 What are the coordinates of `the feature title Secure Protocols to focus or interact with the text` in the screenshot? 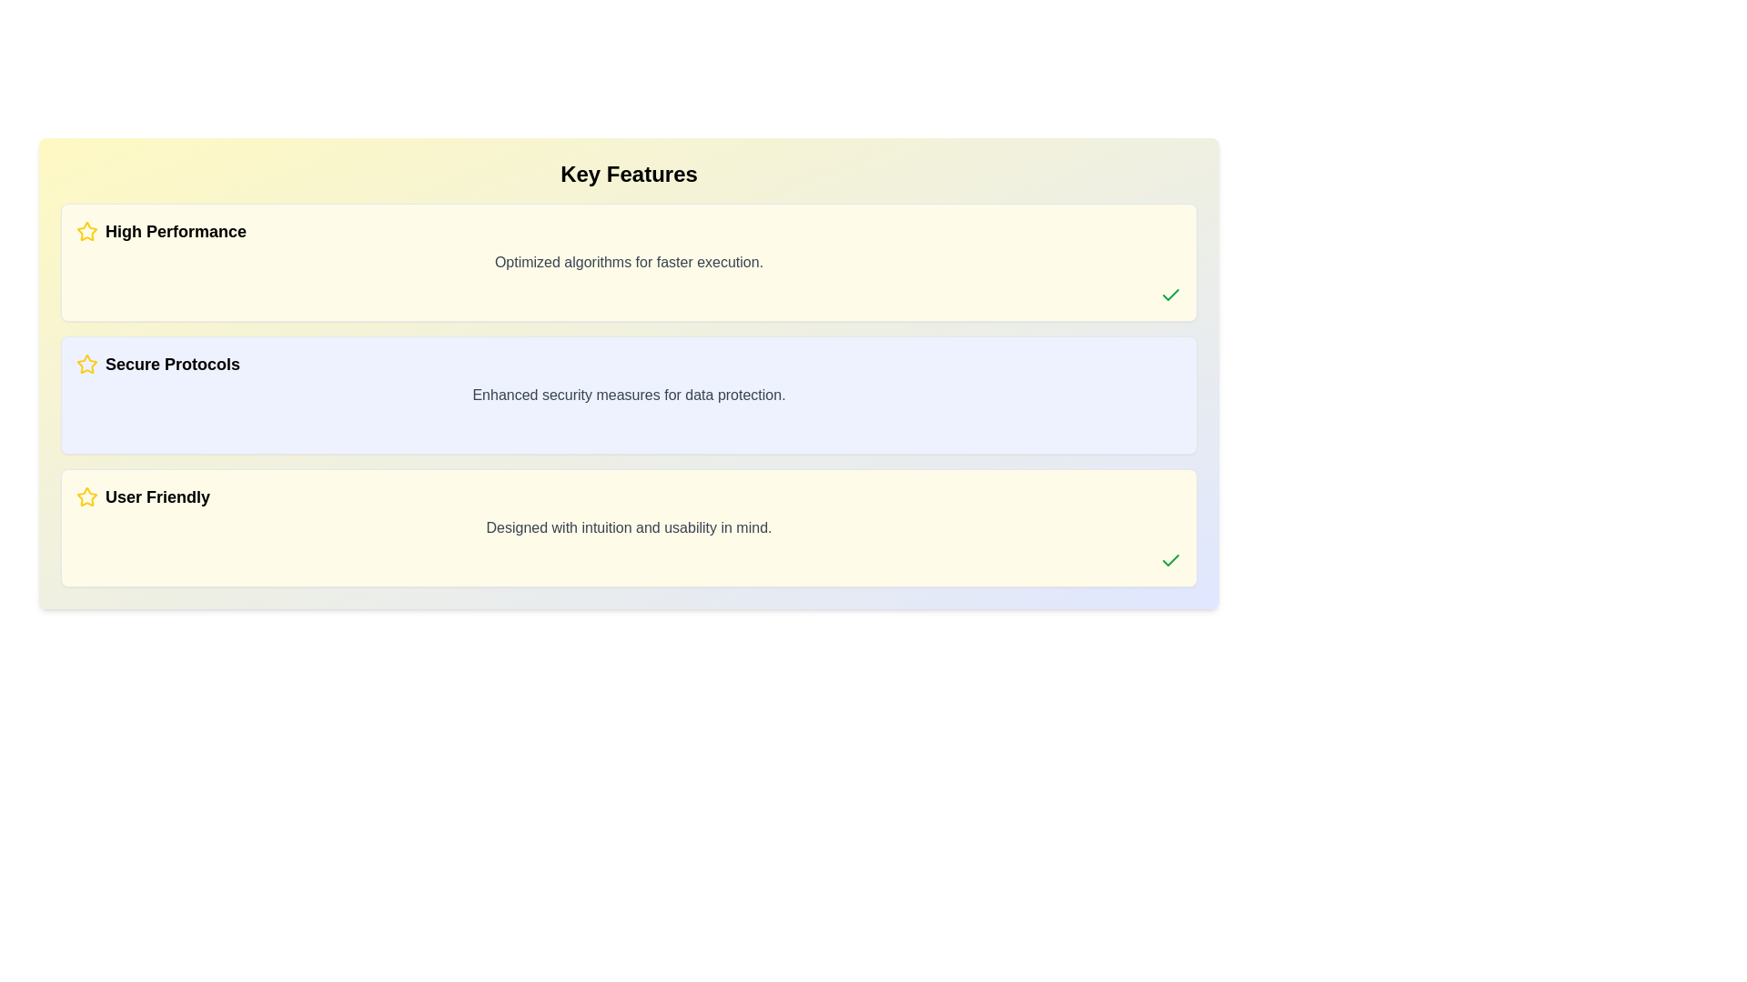 It's located at (629, 365).